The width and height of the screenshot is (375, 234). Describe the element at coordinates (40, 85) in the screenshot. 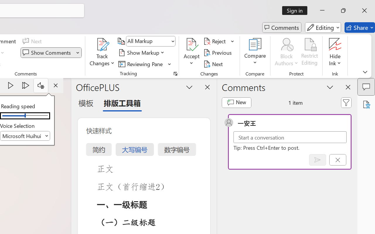

I see `'Settings'` at that location.